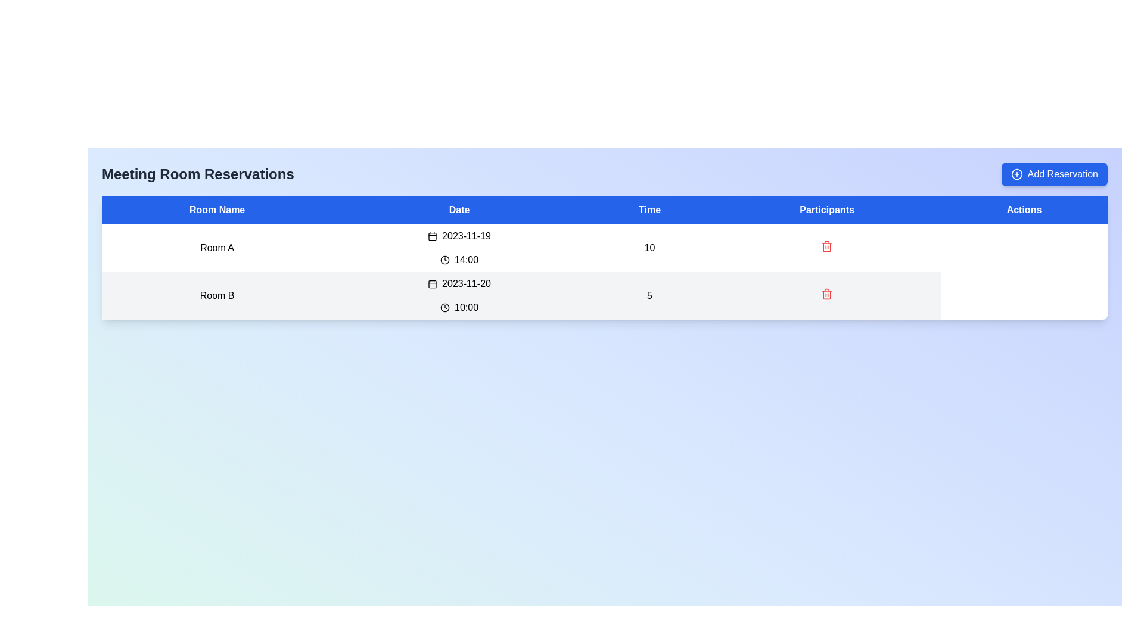  I want to click on the 'Time' header label in the table's header bar, which is the third header positioned between 'Date' and 'Participants', so click(649, 210).